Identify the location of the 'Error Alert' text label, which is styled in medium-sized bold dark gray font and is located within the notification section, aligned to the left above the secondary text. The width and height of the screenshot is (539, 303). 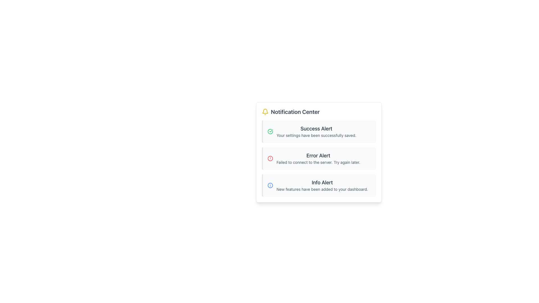
(318, 156).